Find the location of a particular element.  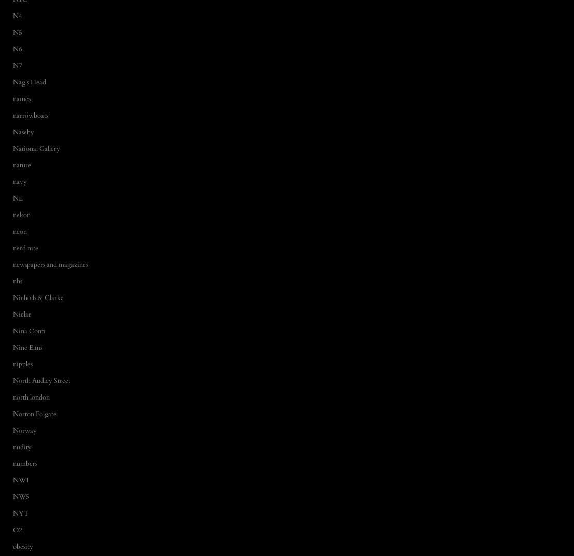

'N6' is located at coordinates (18, 48).